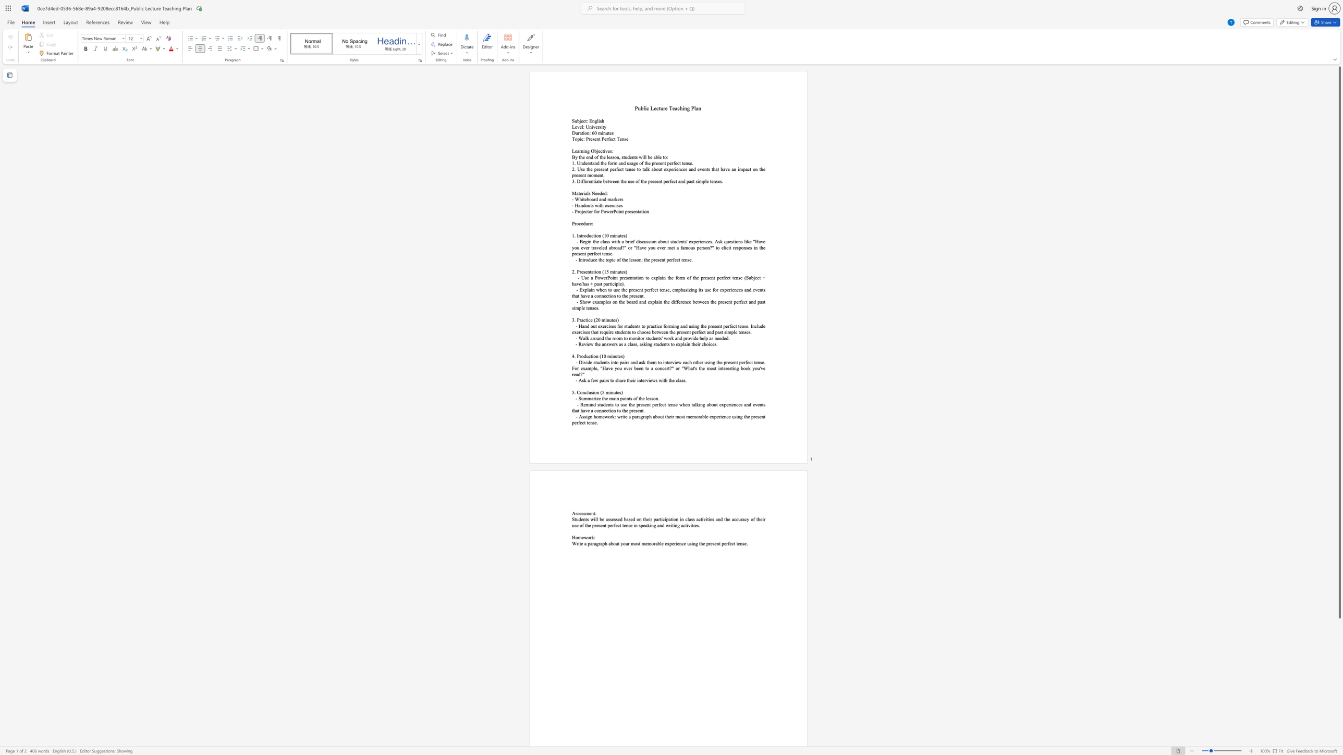  I want to click on the subset text "memorable experi" within the text "- Assign homework: write a paragraph about their most memorable experience using the present perfect tense.", so click(686, 417).